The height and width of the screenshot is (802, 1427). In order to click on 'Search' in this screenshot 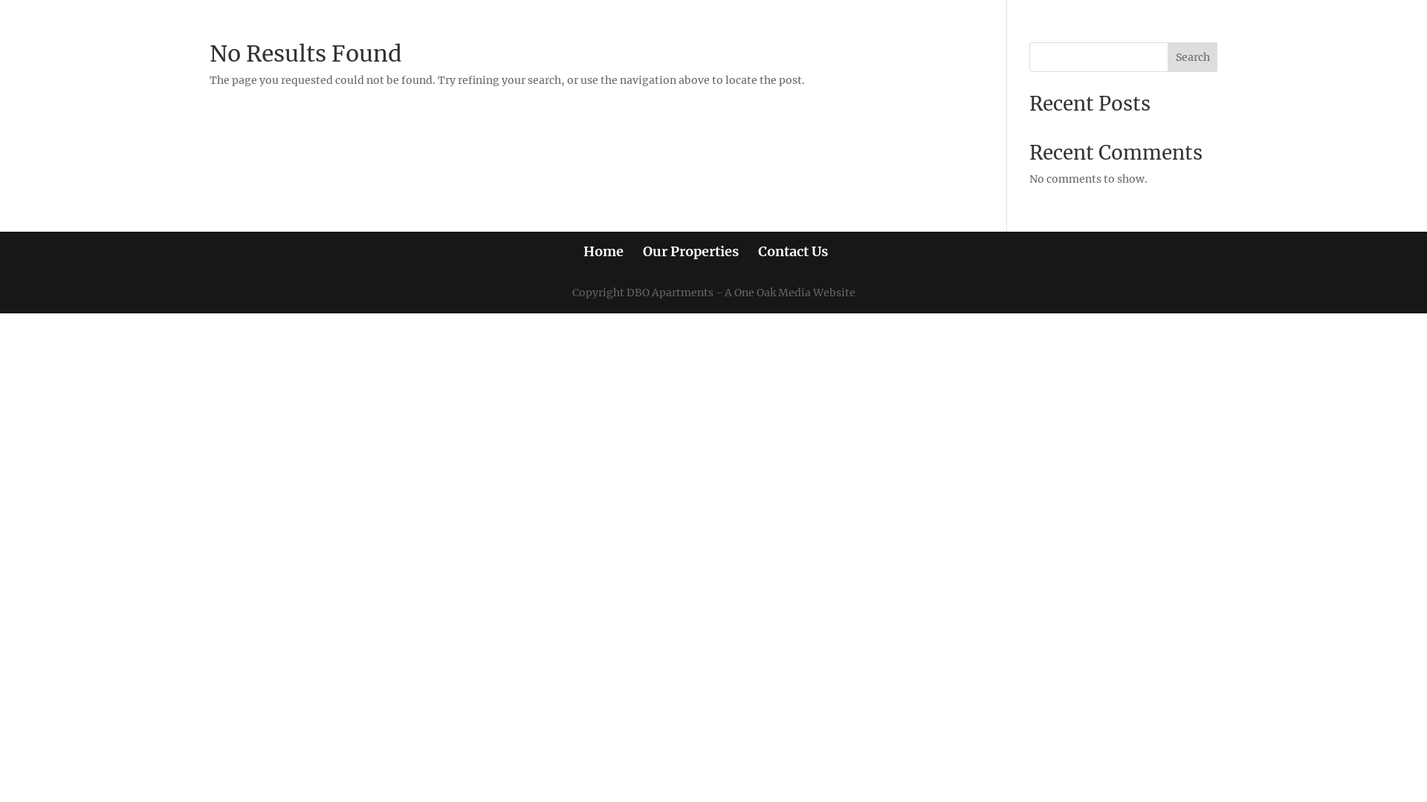, I will do `click(1192, 56)`.